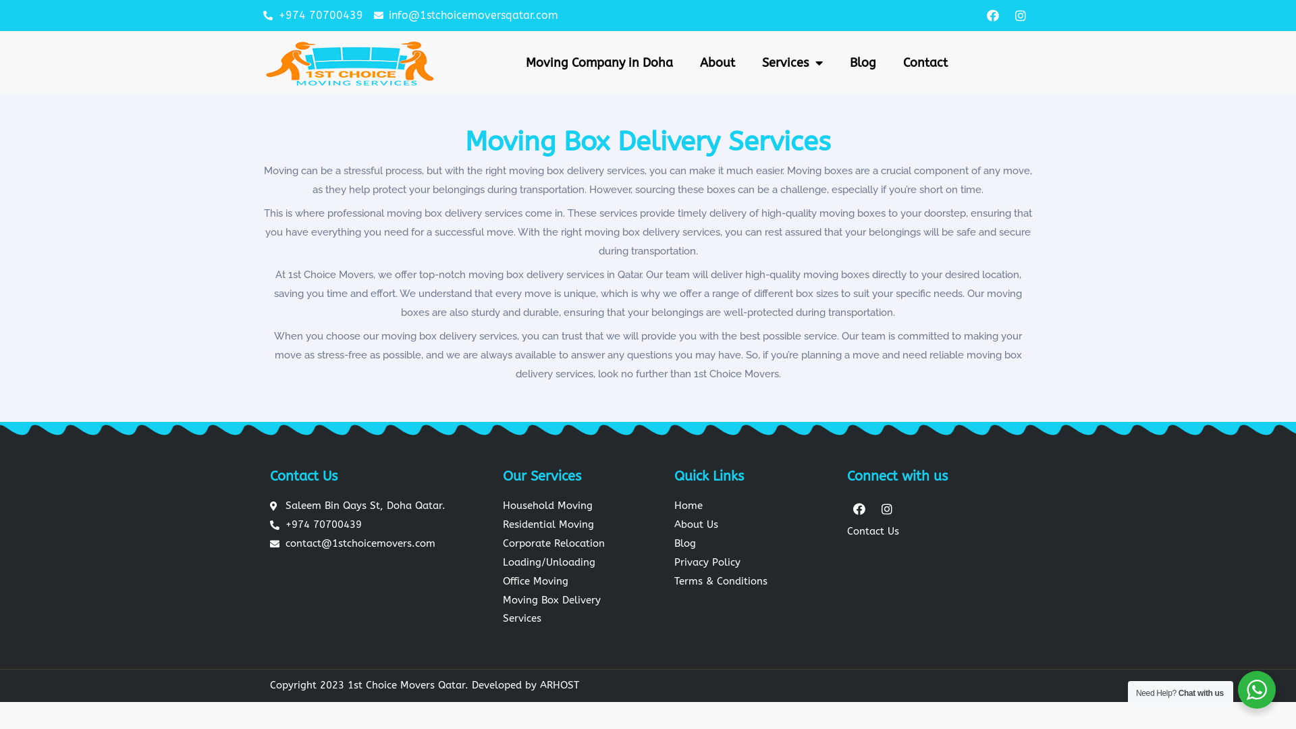  I want to click on 'Residential Moving', so click(572, 524).